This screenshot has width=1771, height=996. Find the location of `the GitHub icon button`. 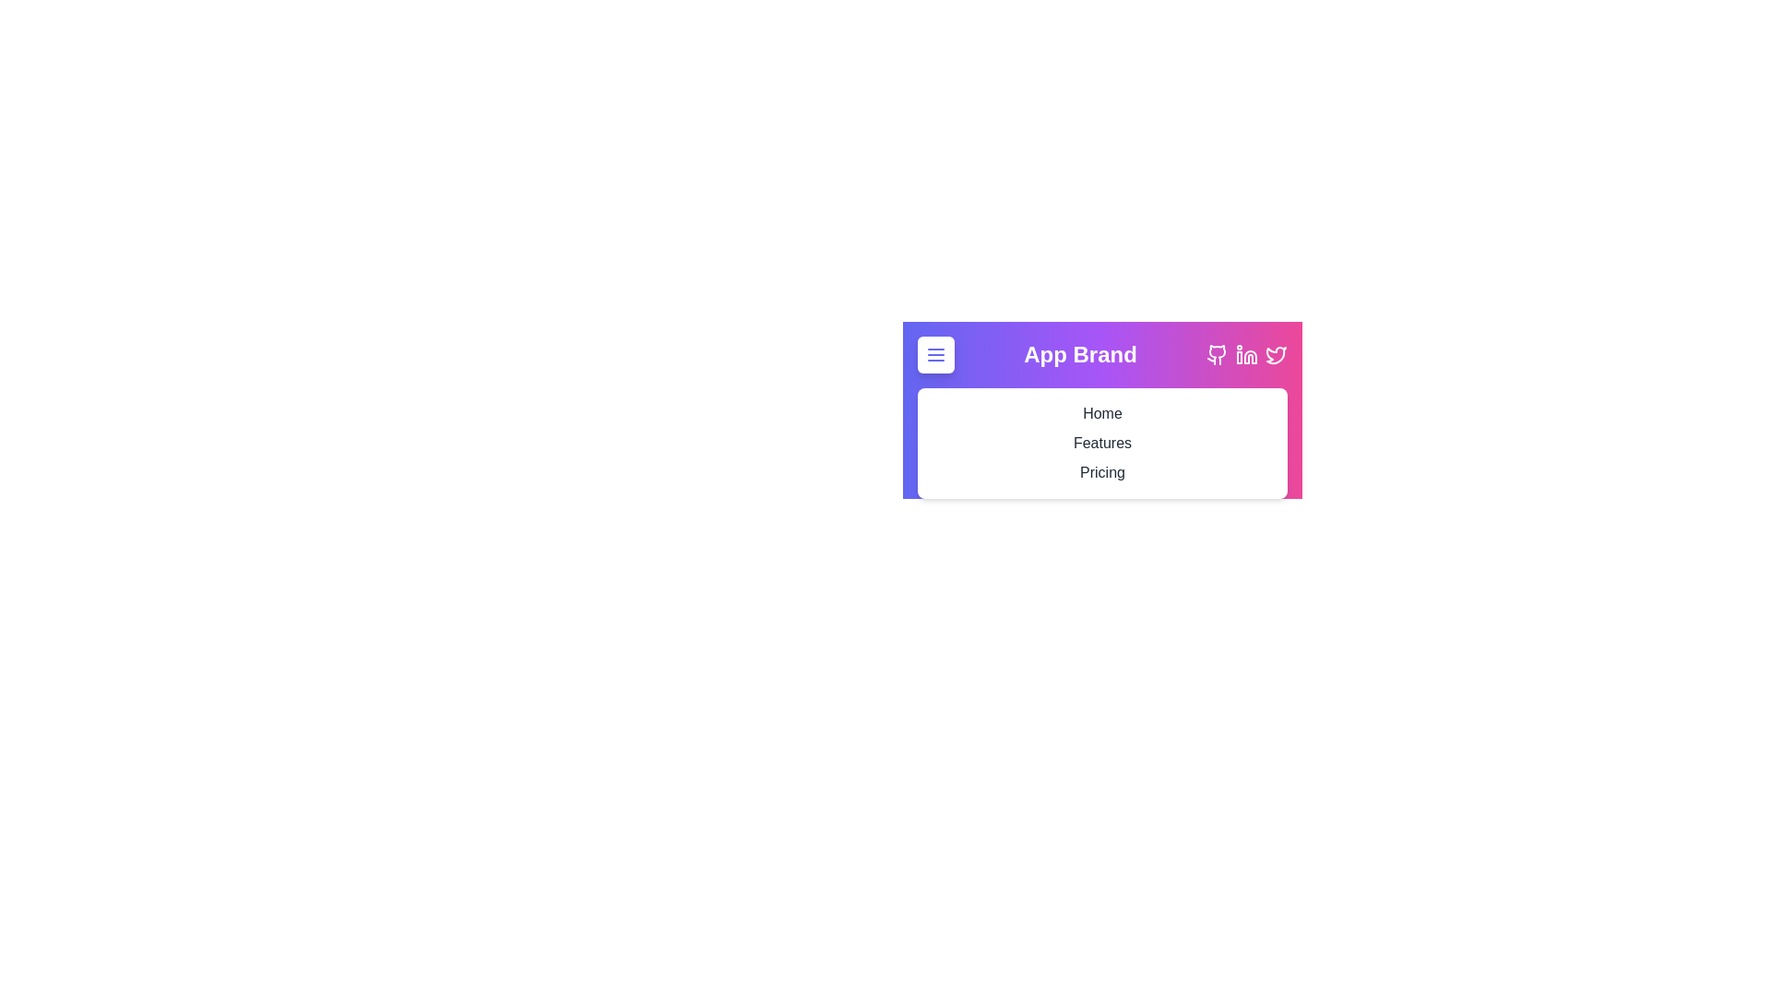

the GitHub icon button is located at coordinates (1218, 355).